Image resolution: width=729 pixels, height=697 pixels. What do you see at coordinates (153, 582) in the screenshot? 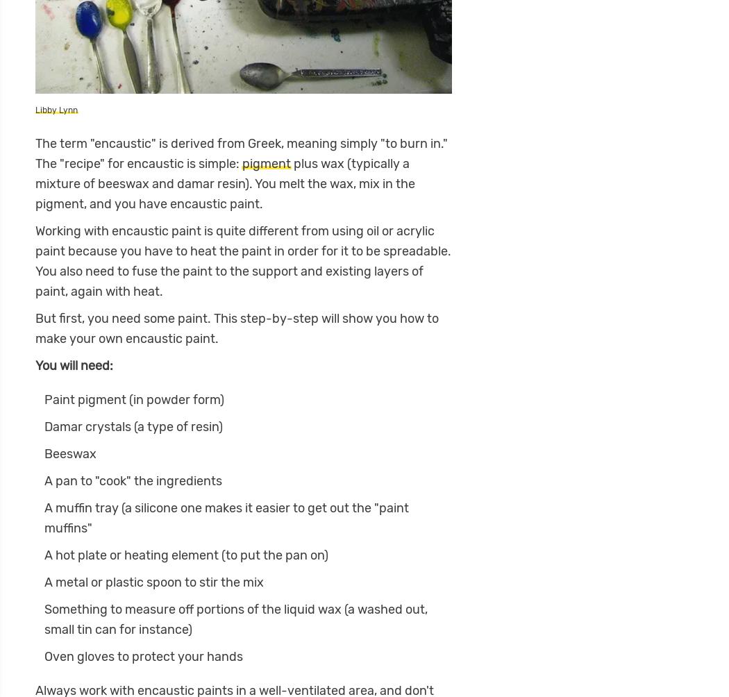
I see `'A metal or plastic spoon to stir the mix'` at bounding box center [153, 582].